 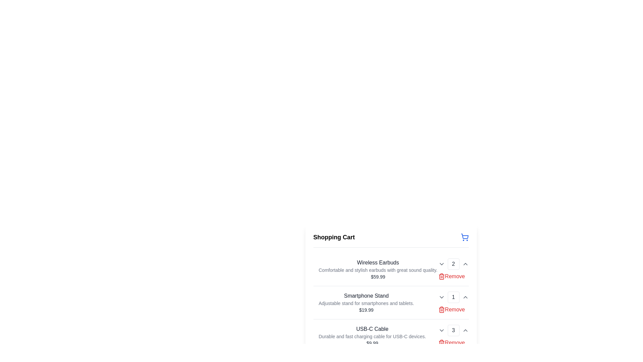 I want to click on details of the product text block titled 'Wireless Earbuds' located in the shopping cart section, which contains a title, subtitle, and price, so click(x=378, y=269).